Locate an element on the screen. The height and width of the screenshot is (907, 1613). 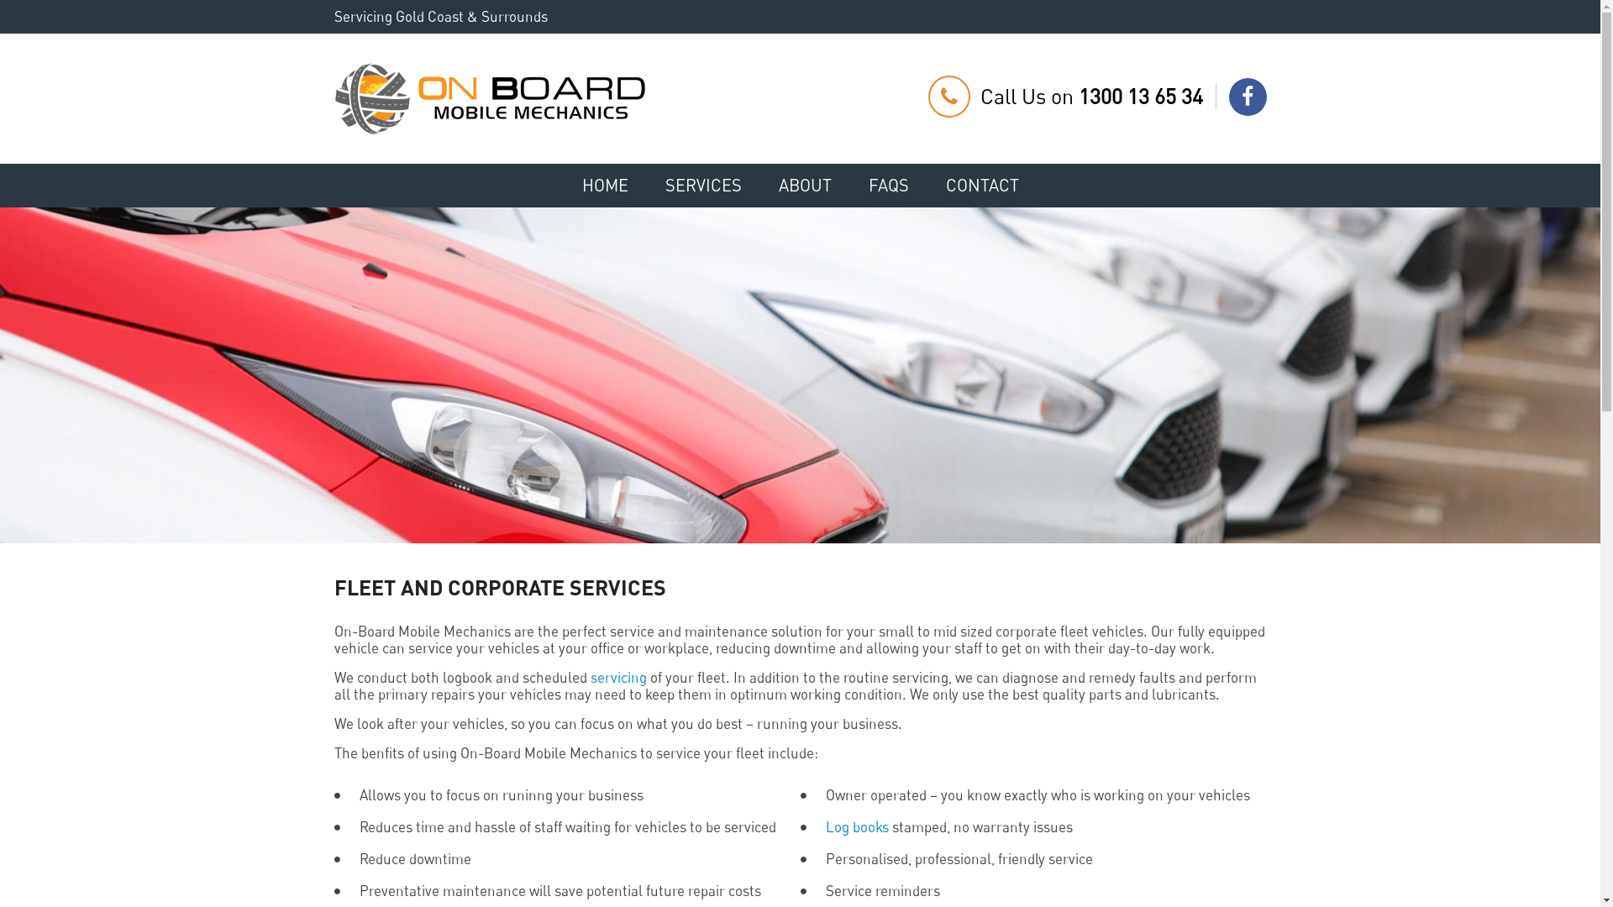
'HOME' is located at coordinates (565, 185).